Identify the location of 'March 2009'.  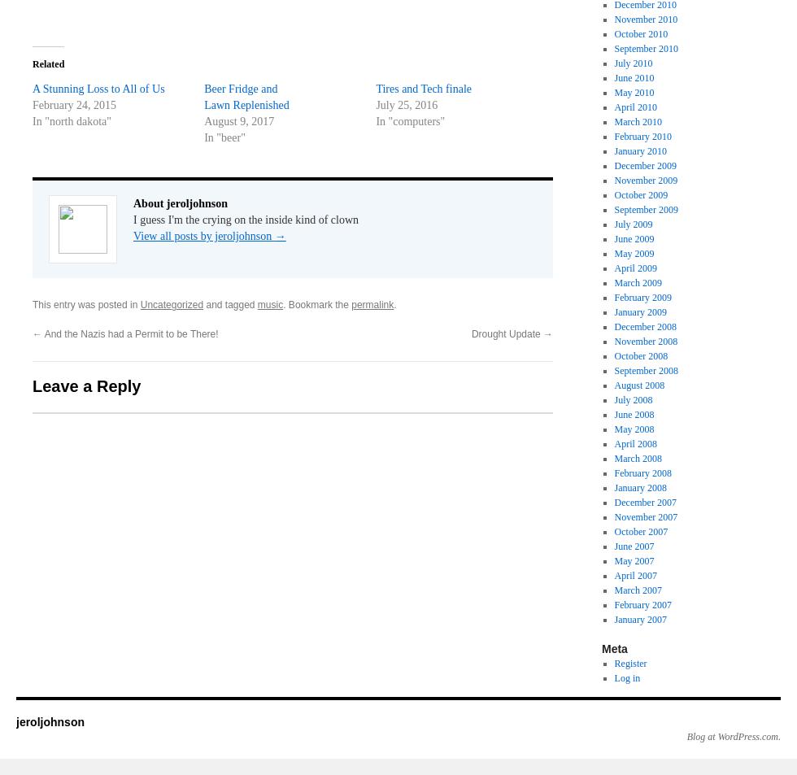
(638, 282).